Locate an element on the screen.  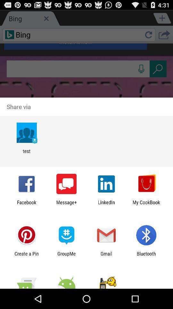
app next to linkedin icon is located at coordinates (66, 205).